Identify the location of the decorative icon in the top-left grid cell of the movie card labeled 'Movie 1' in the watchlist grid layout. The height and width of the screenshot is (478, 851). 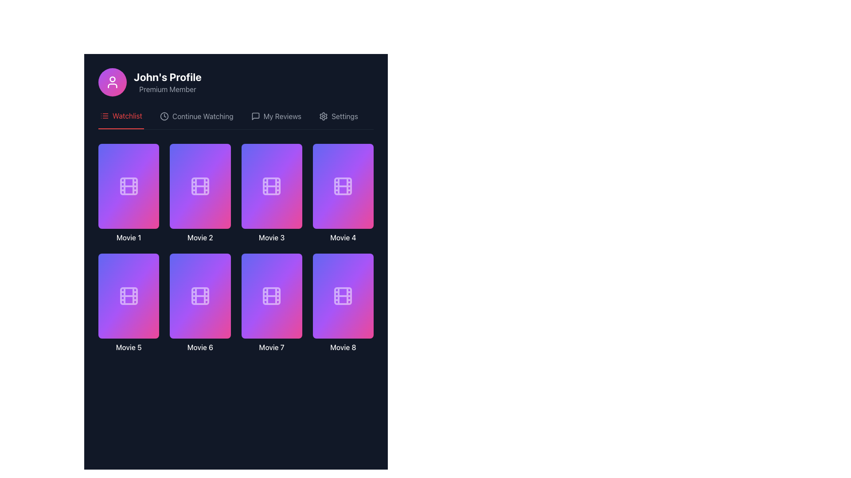
(128, 185).